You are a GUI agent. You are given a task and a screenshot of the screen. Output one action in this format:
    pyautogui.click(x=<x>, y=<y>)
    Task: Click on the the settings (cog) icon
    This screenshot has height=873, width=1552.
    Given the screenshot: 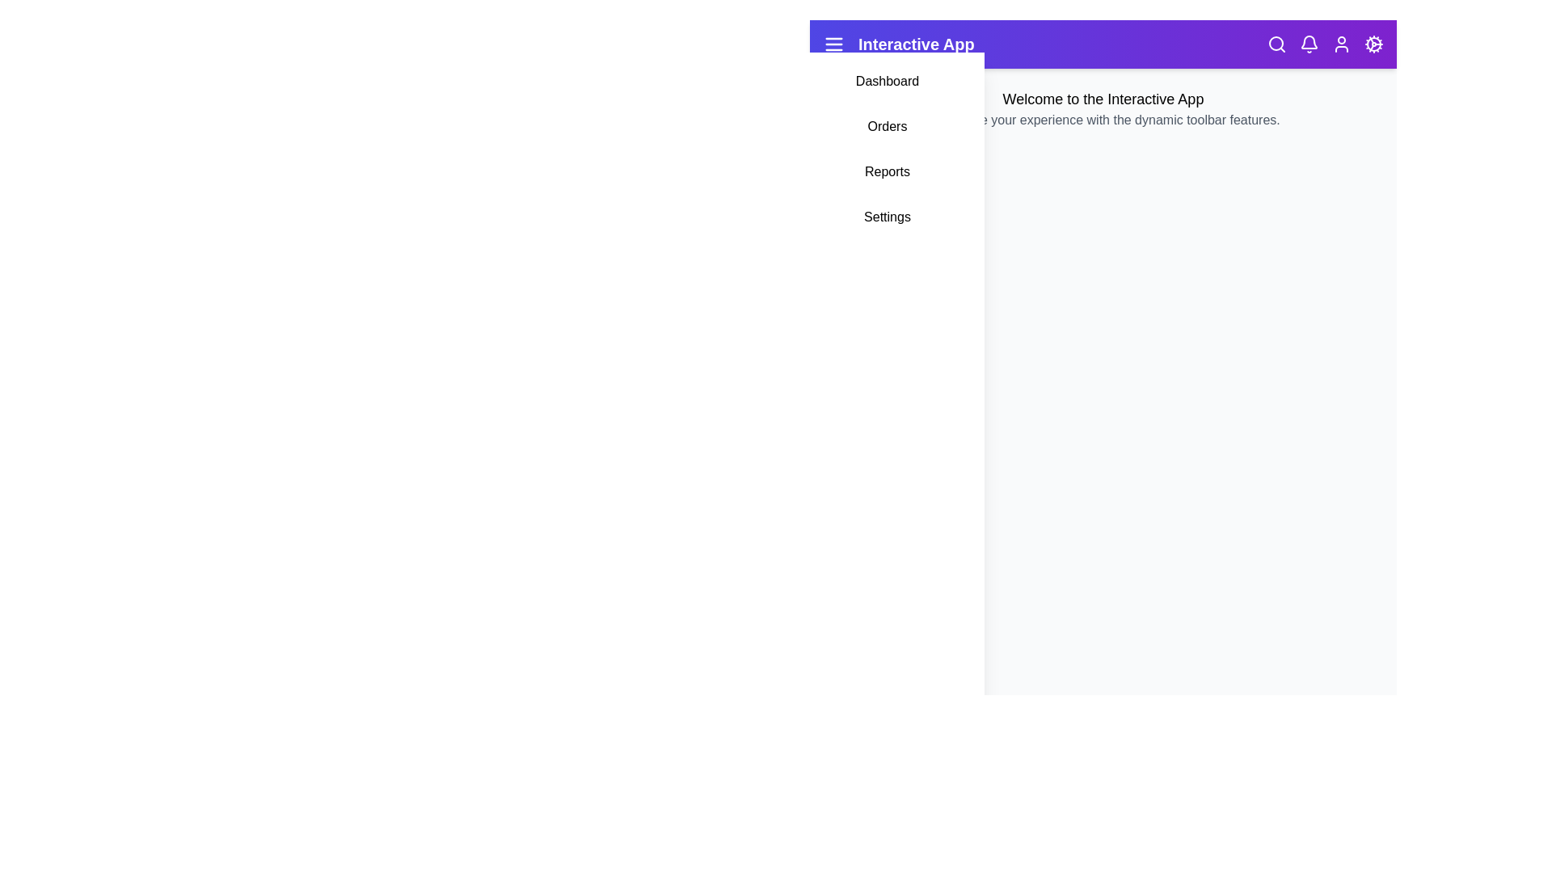 What is the action you would take?
    pyautogui.click(x=1373, y=43)
    